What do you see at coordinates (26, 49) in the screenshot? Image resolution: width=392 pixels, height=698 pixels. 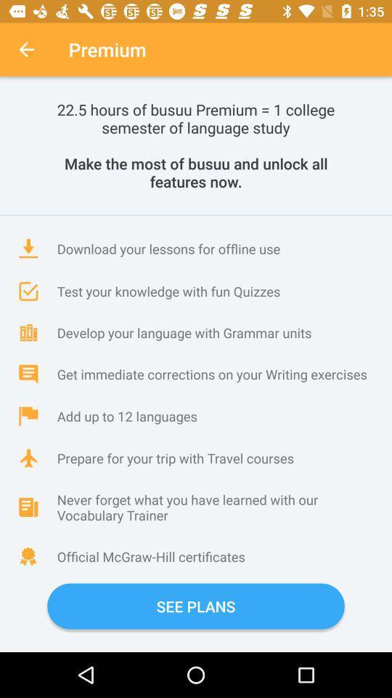 I see `the icon to the left of premium` at bounding box center [26, 49].